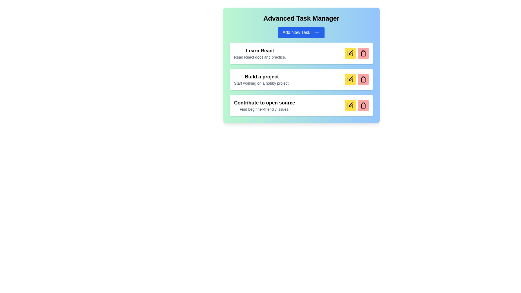  Describe the element at coordinates (363, 105) in the screenshot. I see `the delete button for the task titled Contribute to open source` at that location.